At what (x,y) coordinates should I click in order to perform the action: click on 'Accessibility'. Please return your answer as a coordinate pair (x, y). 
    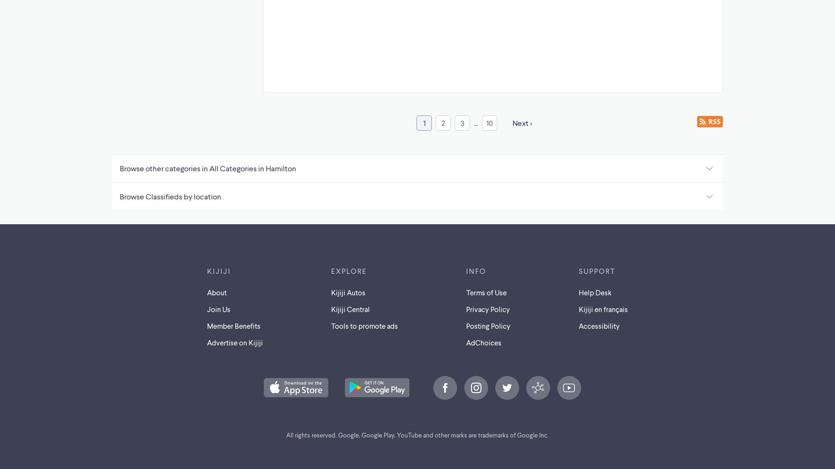
    Looking at the image, I should click on (598, 325).